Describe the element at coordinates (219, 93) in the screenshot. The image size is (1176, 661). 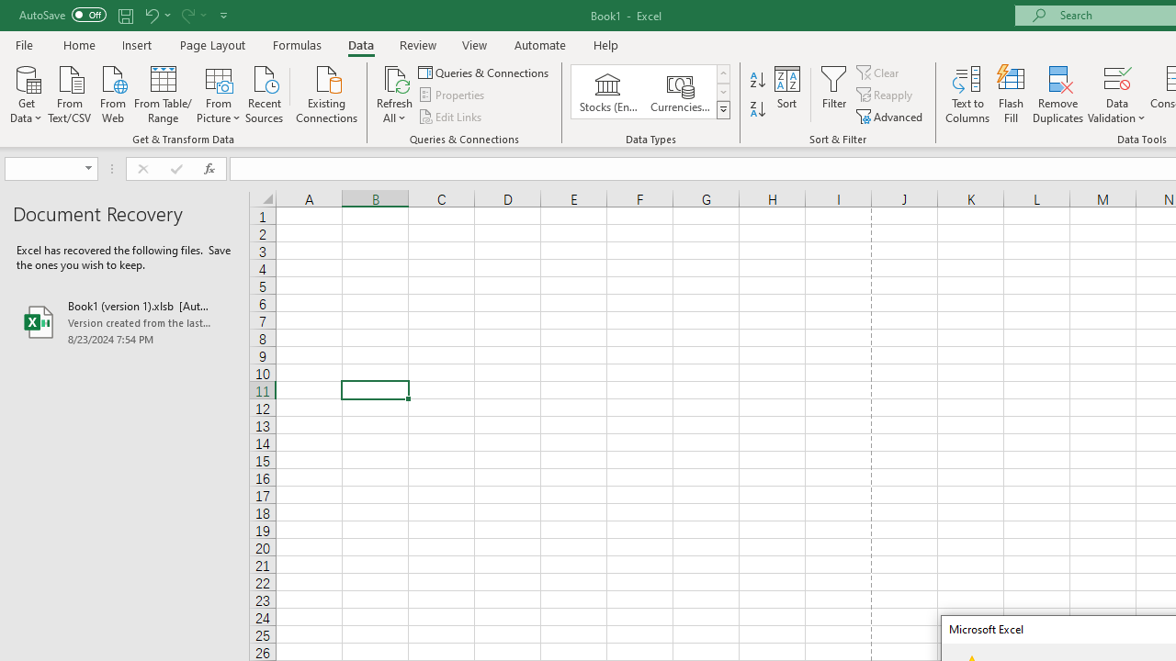
I see `'From Picture'` at that location.